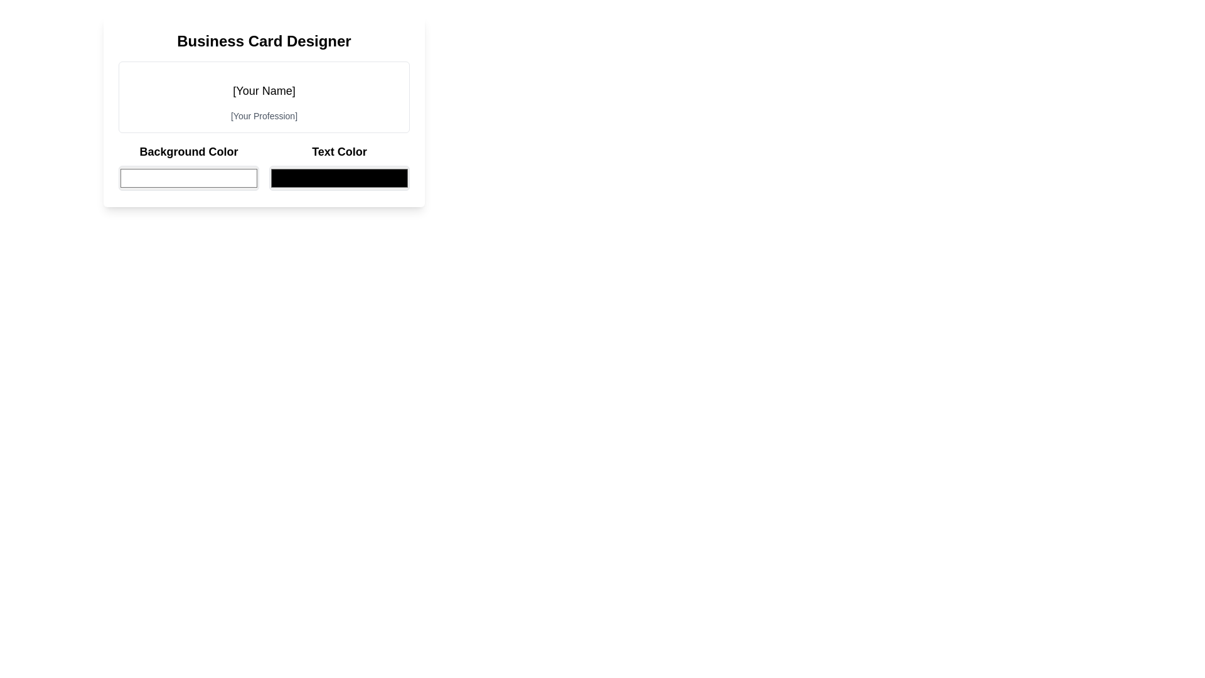 This screenshot has height=678, width=1205. What do you see at coordinates (264, 40) in the screenshot?
I see `header text located at the top of the rounded, shadowed card-like section, which identifies the section's purpose to the user` at bounding box center [264, 40].